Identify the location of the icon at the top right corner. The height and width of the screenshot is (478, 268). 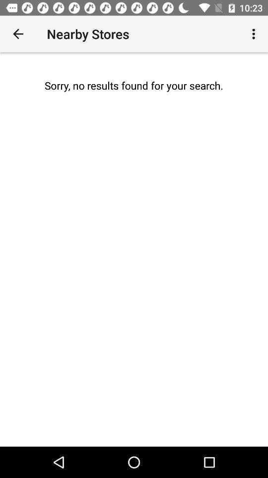
(255, 34).